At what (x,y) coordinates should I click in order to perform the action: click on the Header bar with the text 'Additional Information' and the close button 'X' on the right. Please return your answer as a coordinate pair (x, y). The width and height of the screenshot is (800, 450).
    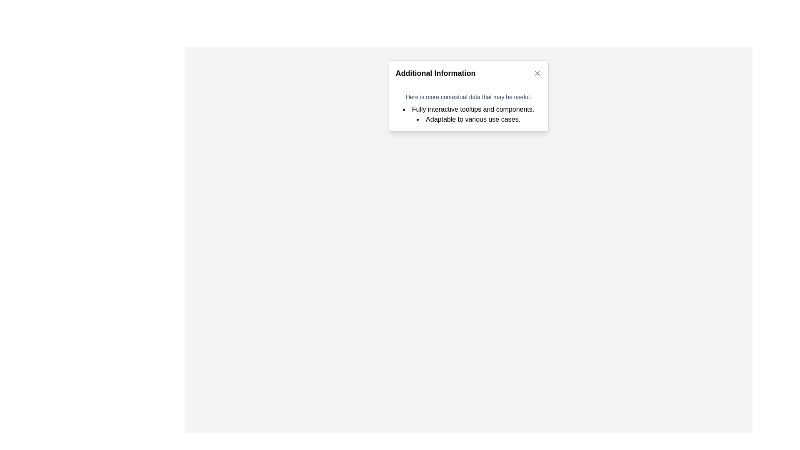
    Looking at the image, I should click on (468, 73).